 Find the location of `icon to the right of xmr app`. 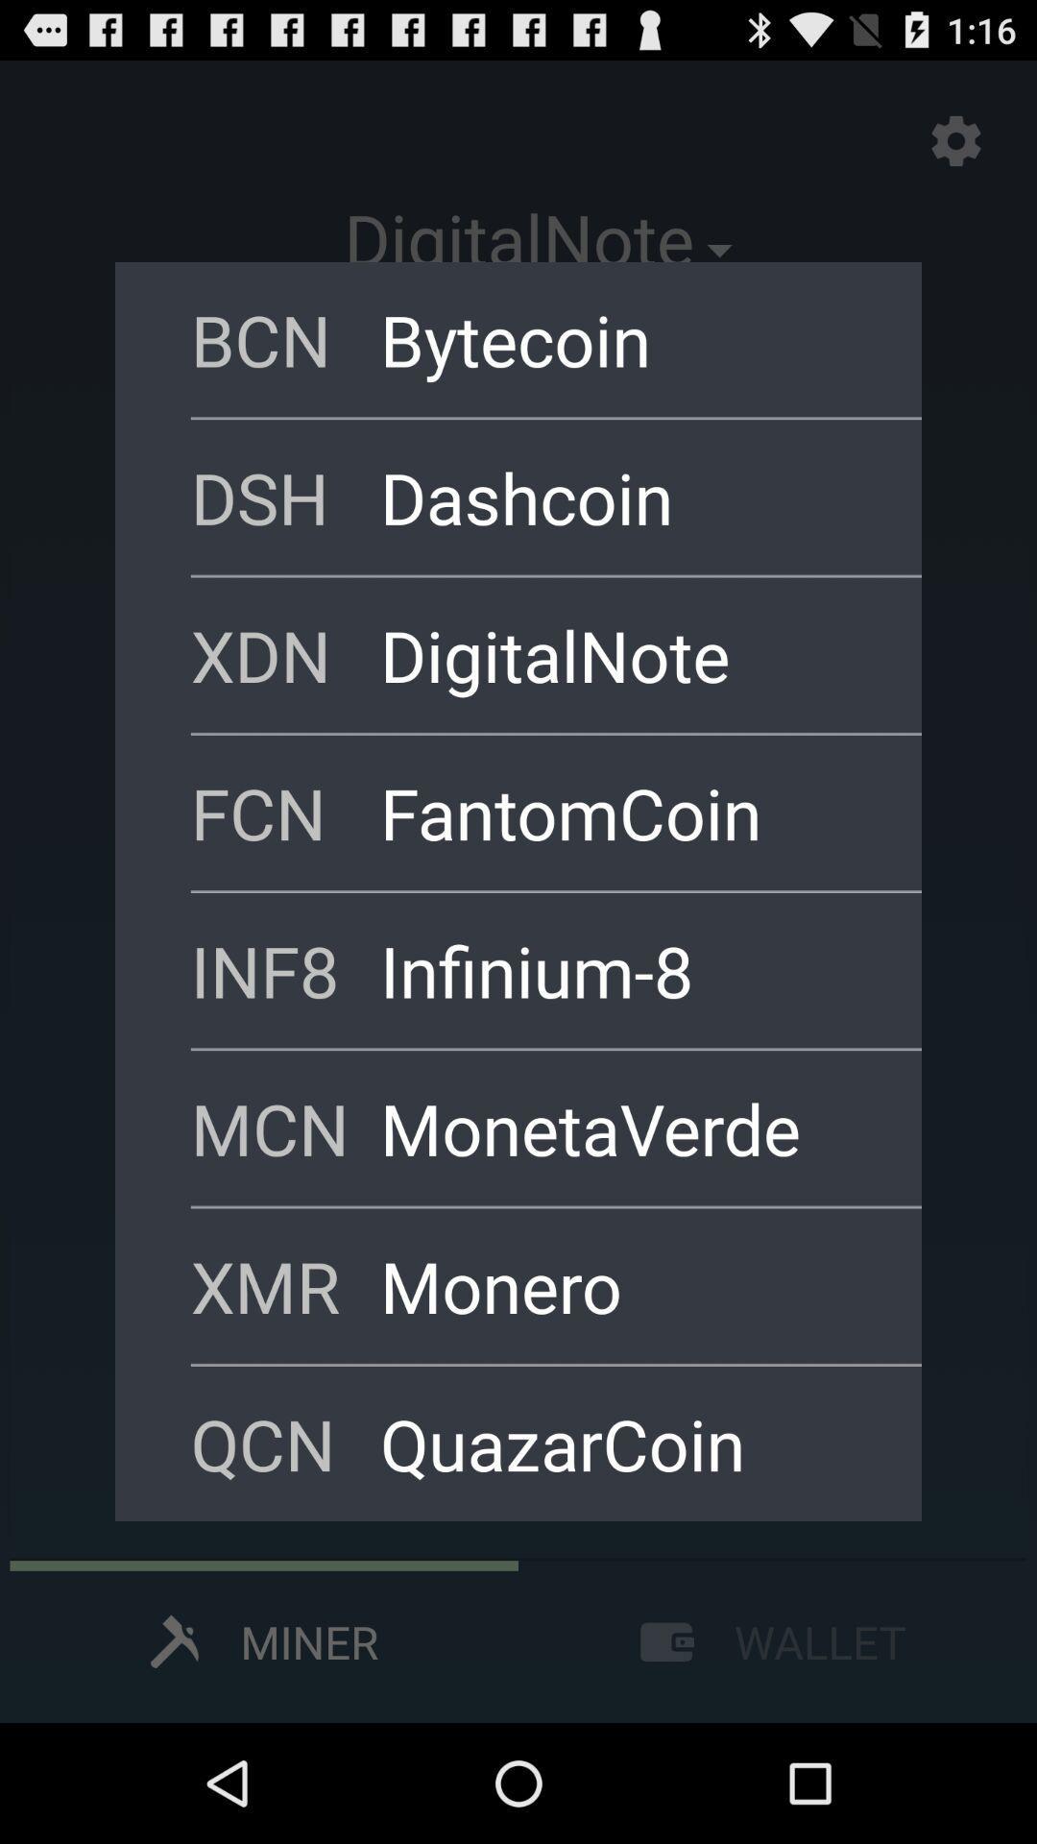

icon to the right of xmr app is located at coordinates (625, 1286).